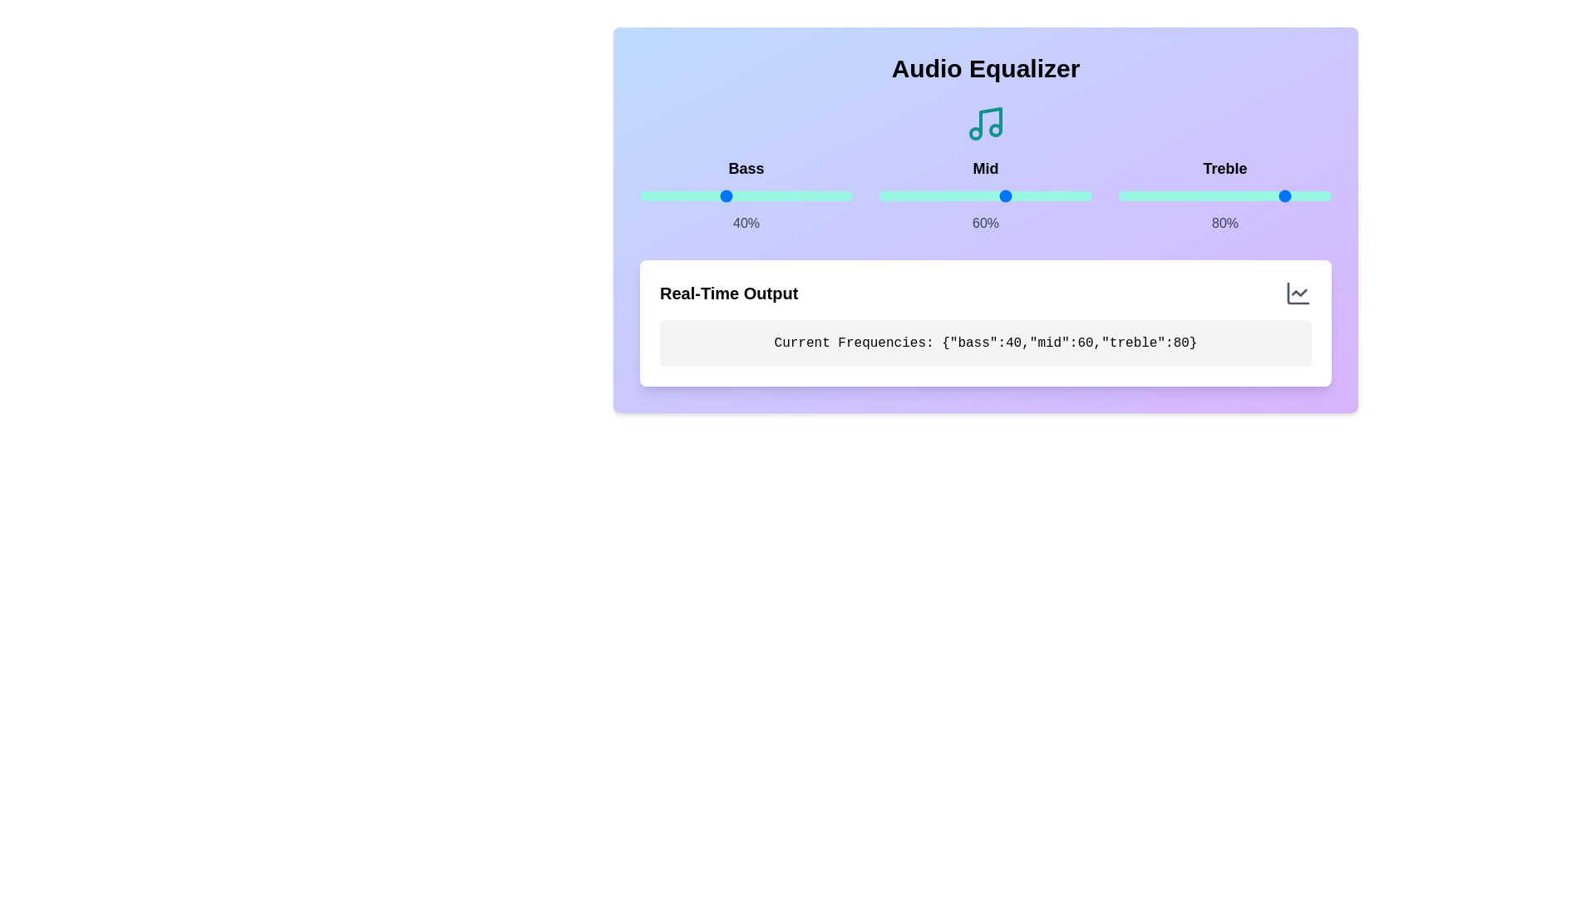 This screenshot has width=1596, height=898. I want to click on bass level, so click(762, 195).